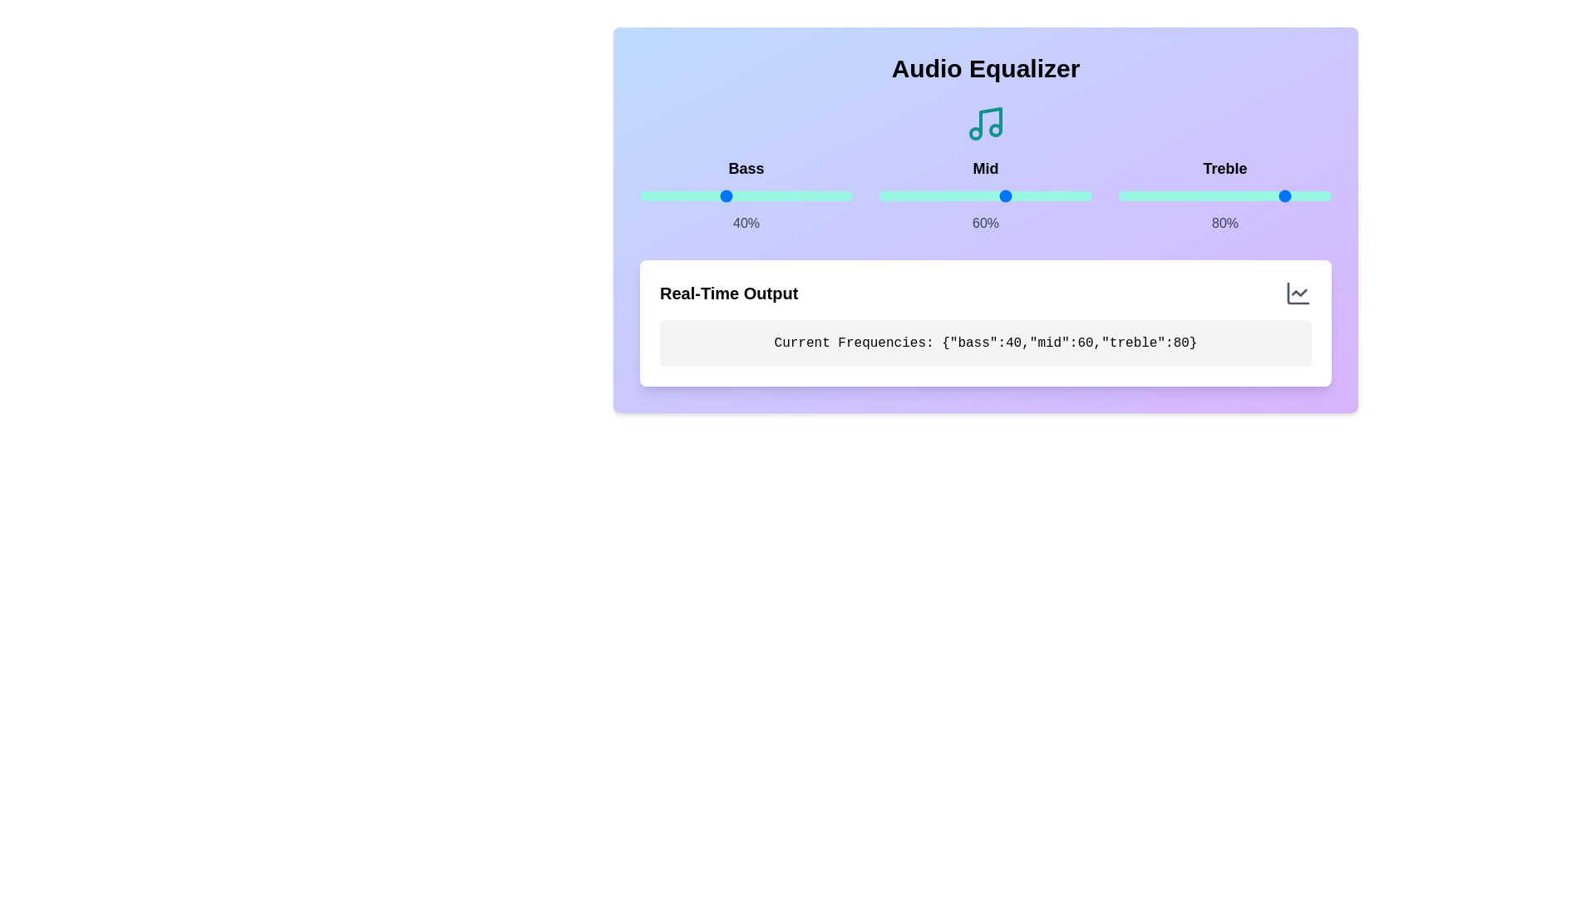 This screenshot has width=1596, height=898. I want to click on bass level, so click(762, 195).